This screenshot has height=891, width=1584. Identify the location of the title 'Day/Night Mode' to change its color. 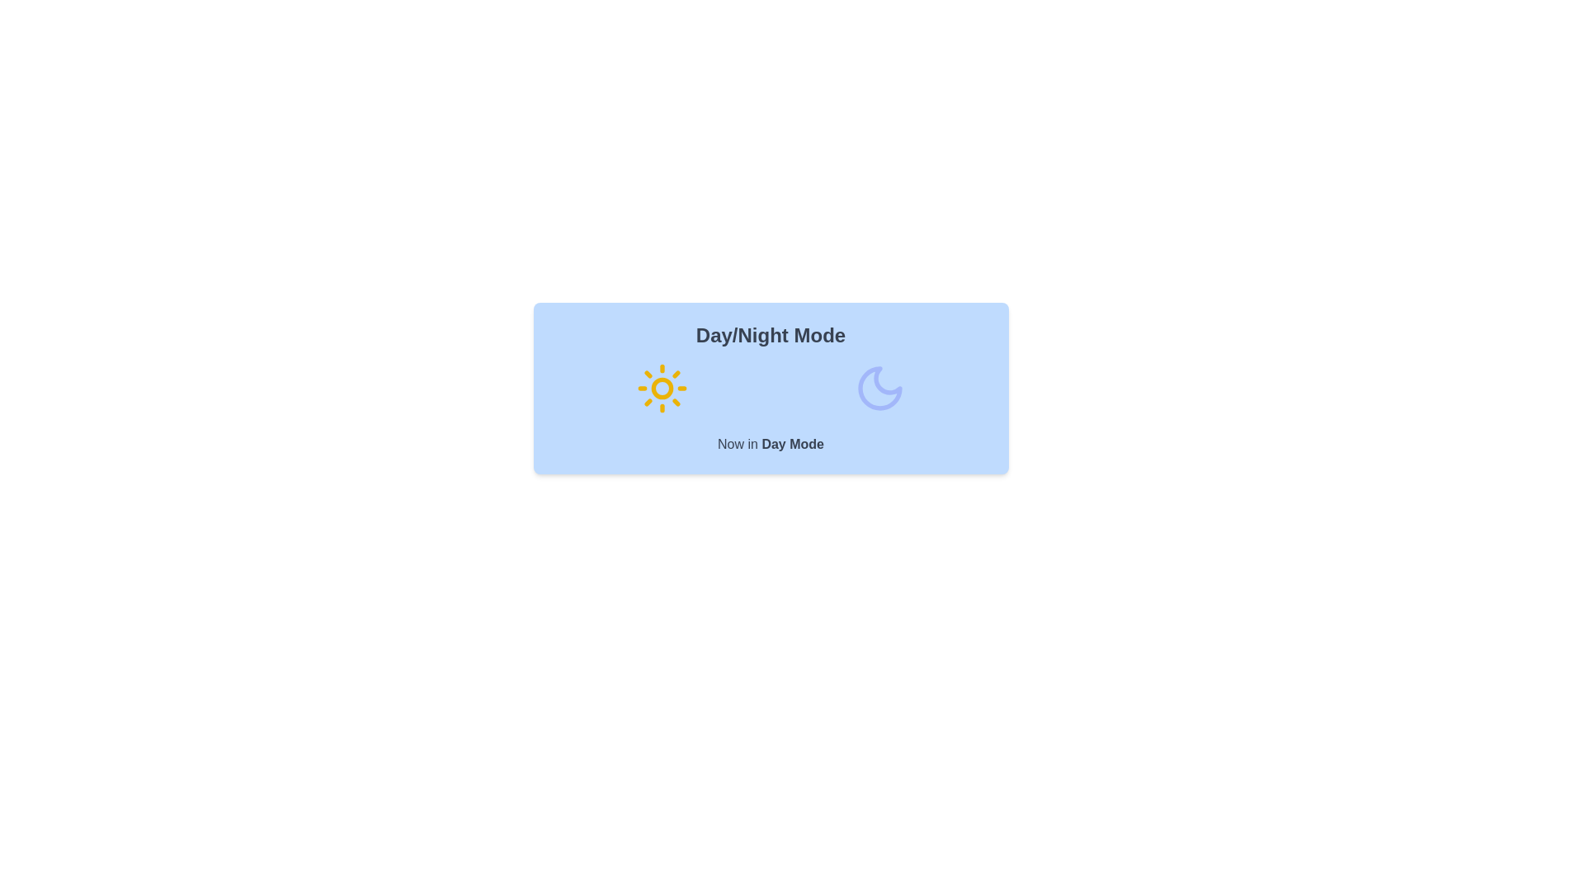
(770, 335).